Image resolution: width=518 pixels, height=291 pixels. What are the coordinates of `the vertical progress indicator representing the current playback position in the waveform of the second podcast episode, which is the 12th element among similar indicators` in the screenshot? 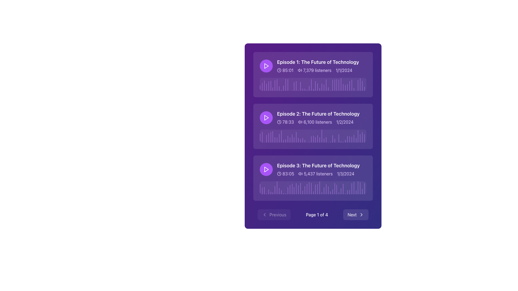 It's located at (283, 141).